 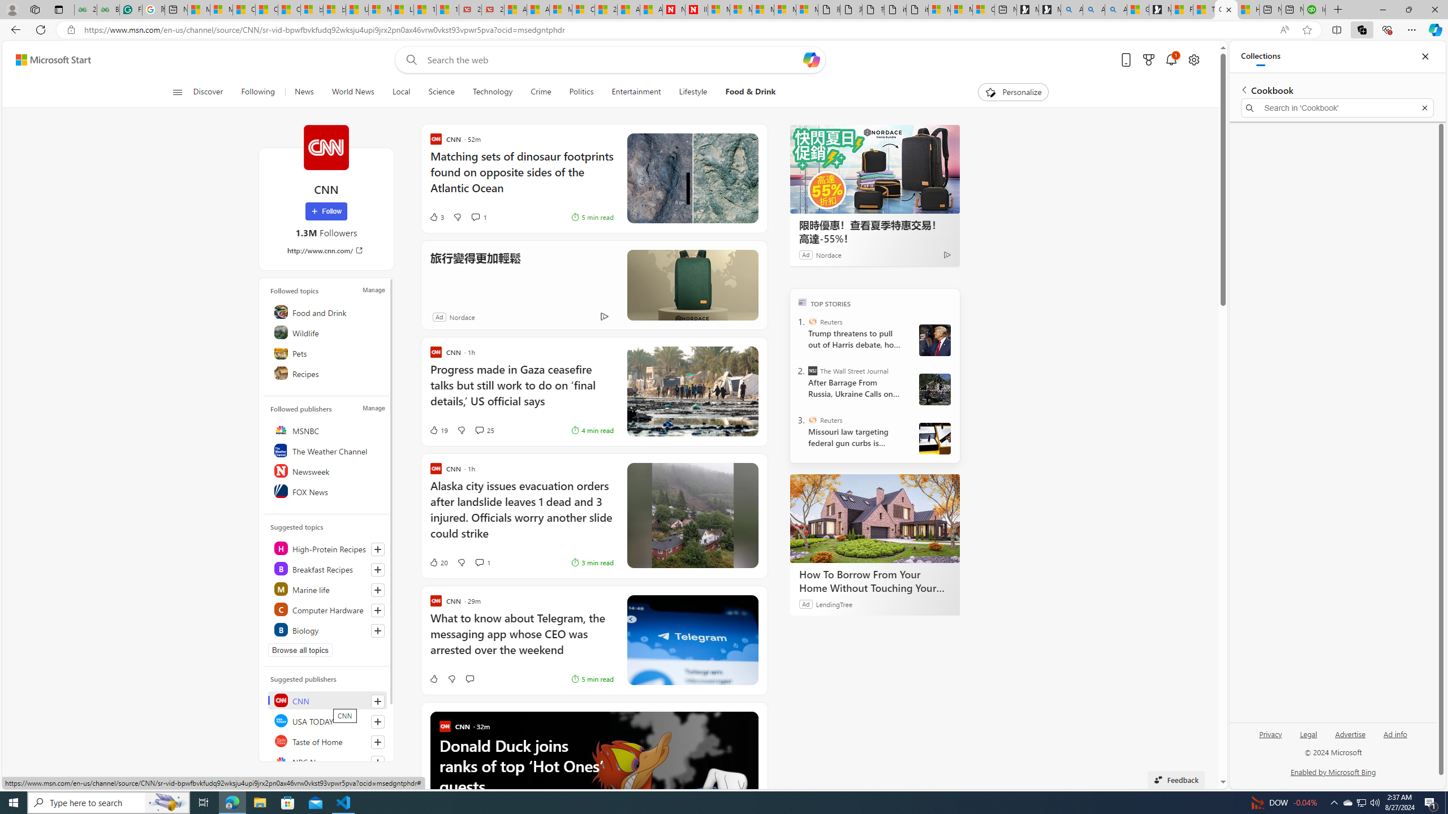 What do you see at coordinates (378, 630) in the screenshot?
I see `'Follow this topic'` at bounding box center [378, 630].